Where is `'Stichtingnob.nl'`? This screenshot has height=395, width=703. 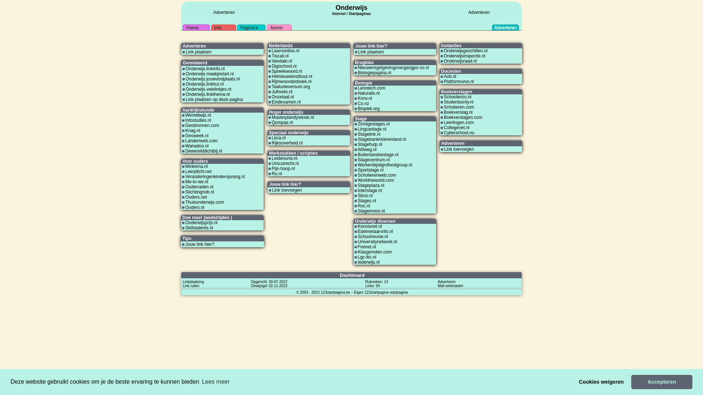 'Stichtingnob.nl' is located at coordinates (200, 191).